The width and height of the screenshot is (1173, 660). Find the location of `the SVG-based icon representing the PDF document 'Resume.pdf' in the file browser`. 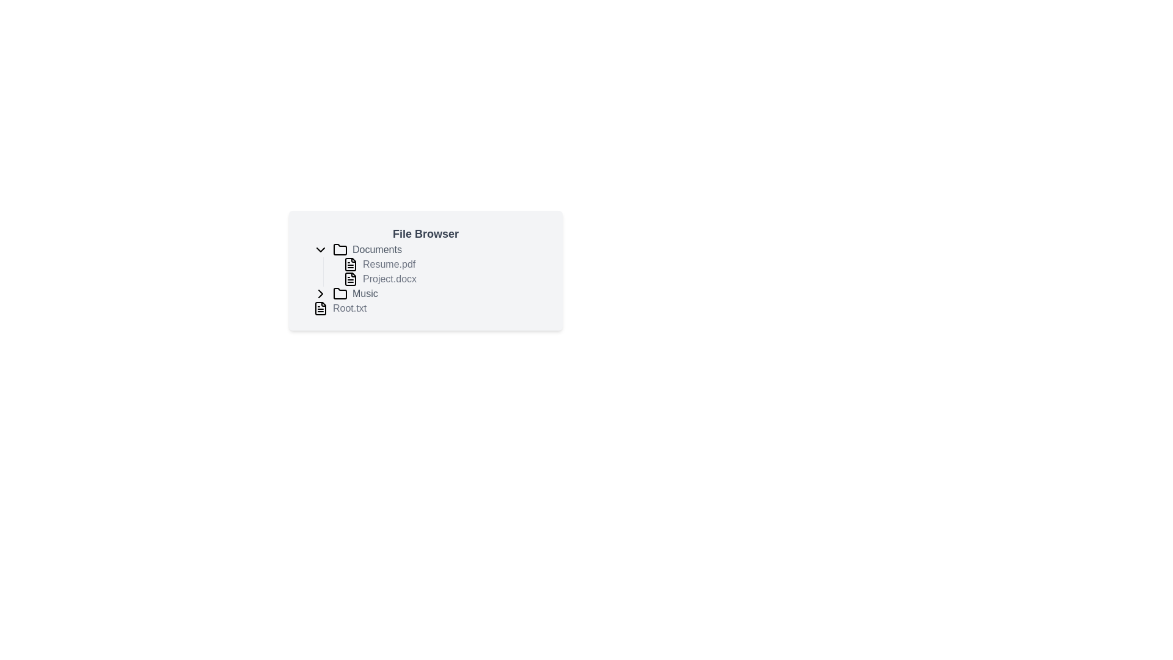

the SVG-based icon representing the PDF document 'Resume.pdf' in the file browser is located at coordinates (350, 263).